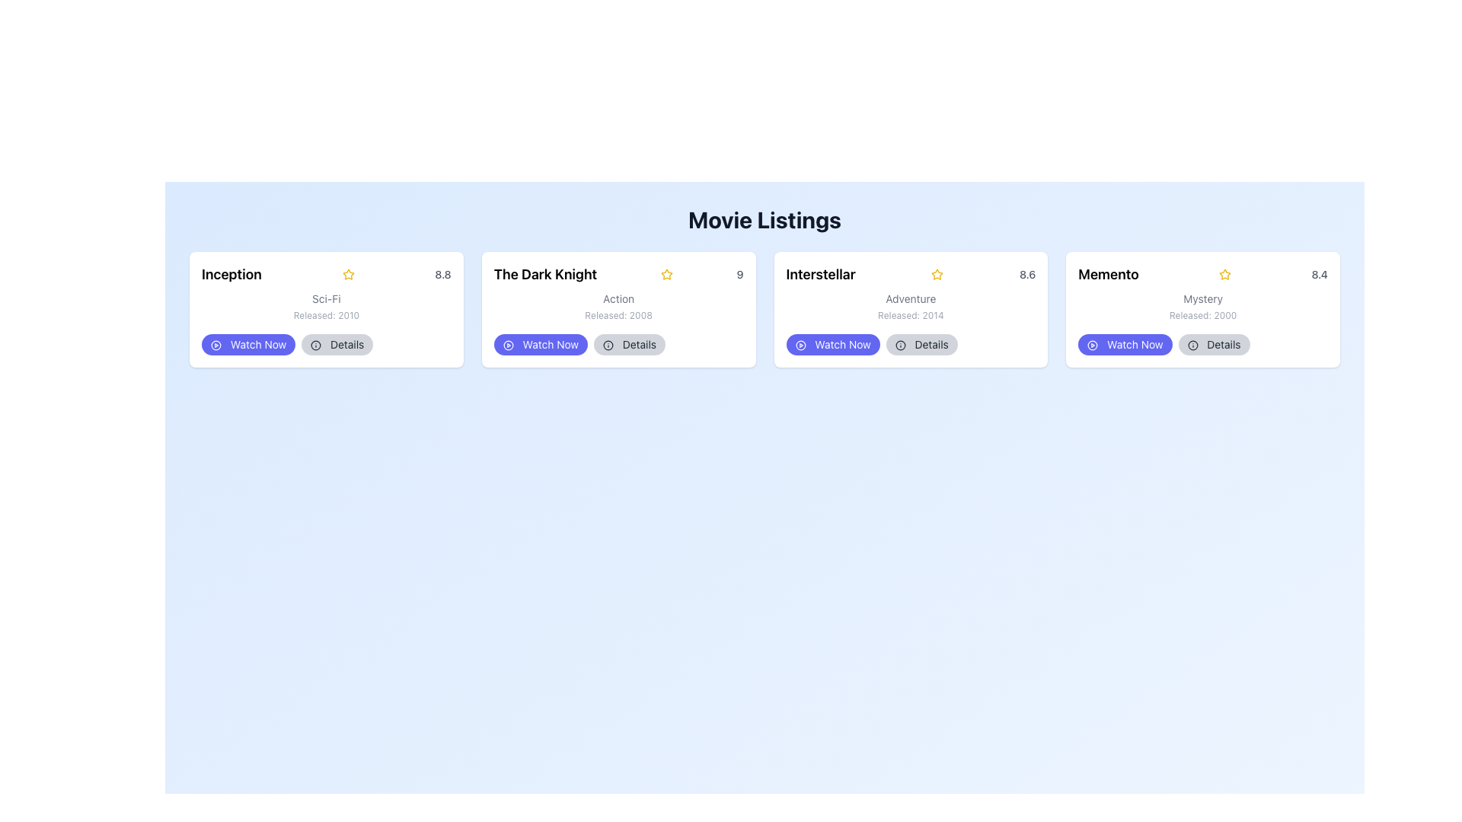 This screenshot has height=822, width=1462. I want to click on the 'Watch Now' button, which is a light purple rounded rectangular button with white text and a play icon, located in the rightmost movie card under the title 'Memento', so click(1125, 344).